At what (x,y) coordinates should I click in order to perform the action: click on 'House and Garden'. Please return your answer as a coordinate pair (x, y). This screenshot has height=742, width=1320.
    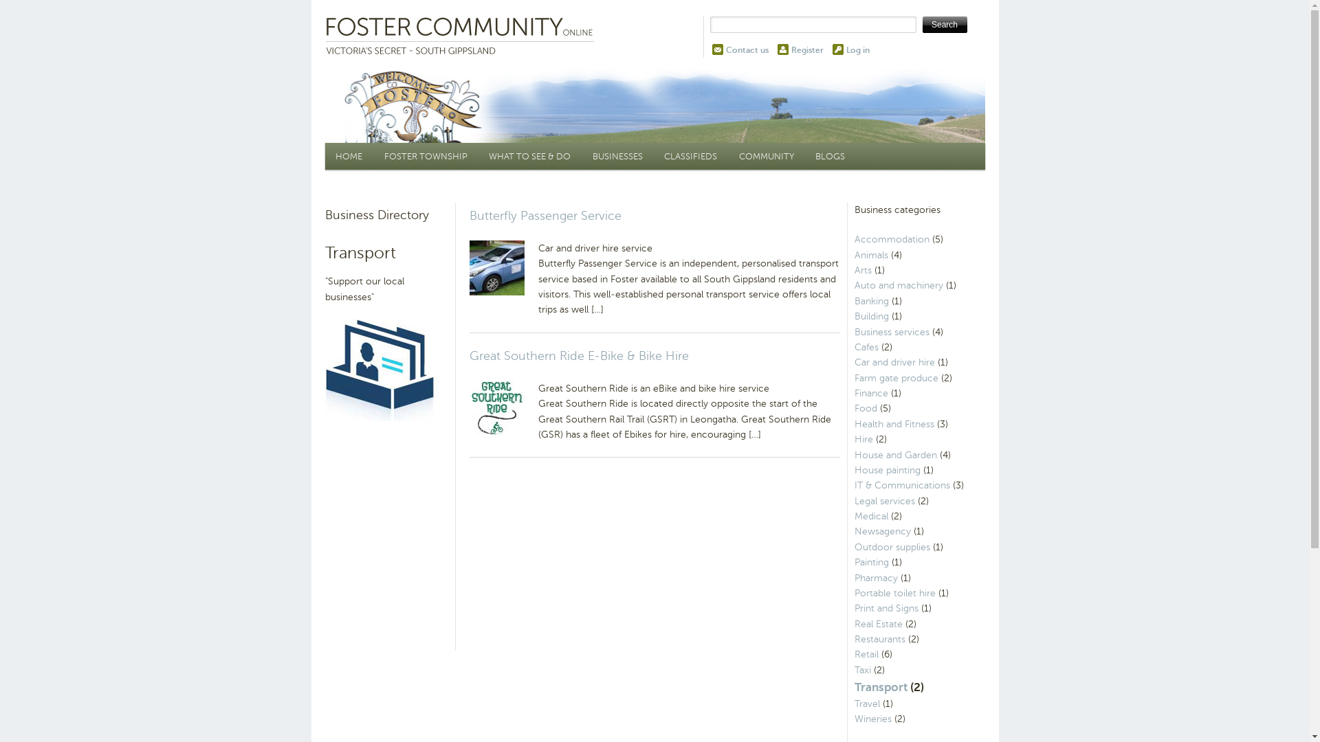
    Looking at the image, I should click on (894, 455).